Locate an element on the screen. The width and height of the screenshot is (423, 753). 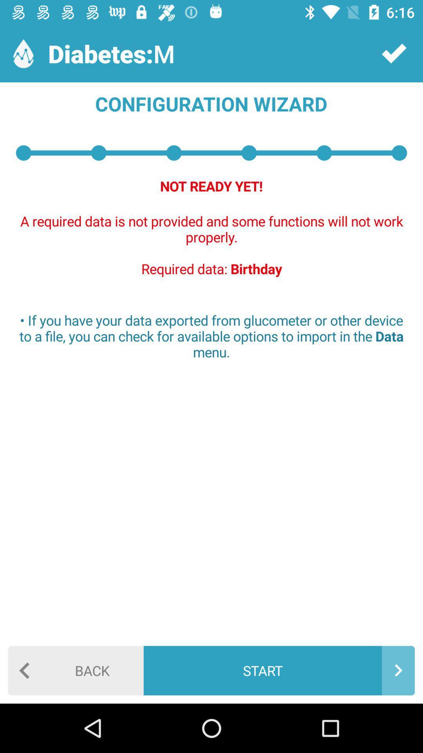
icon to the left of the start icon is located at coordinates (76, 670).